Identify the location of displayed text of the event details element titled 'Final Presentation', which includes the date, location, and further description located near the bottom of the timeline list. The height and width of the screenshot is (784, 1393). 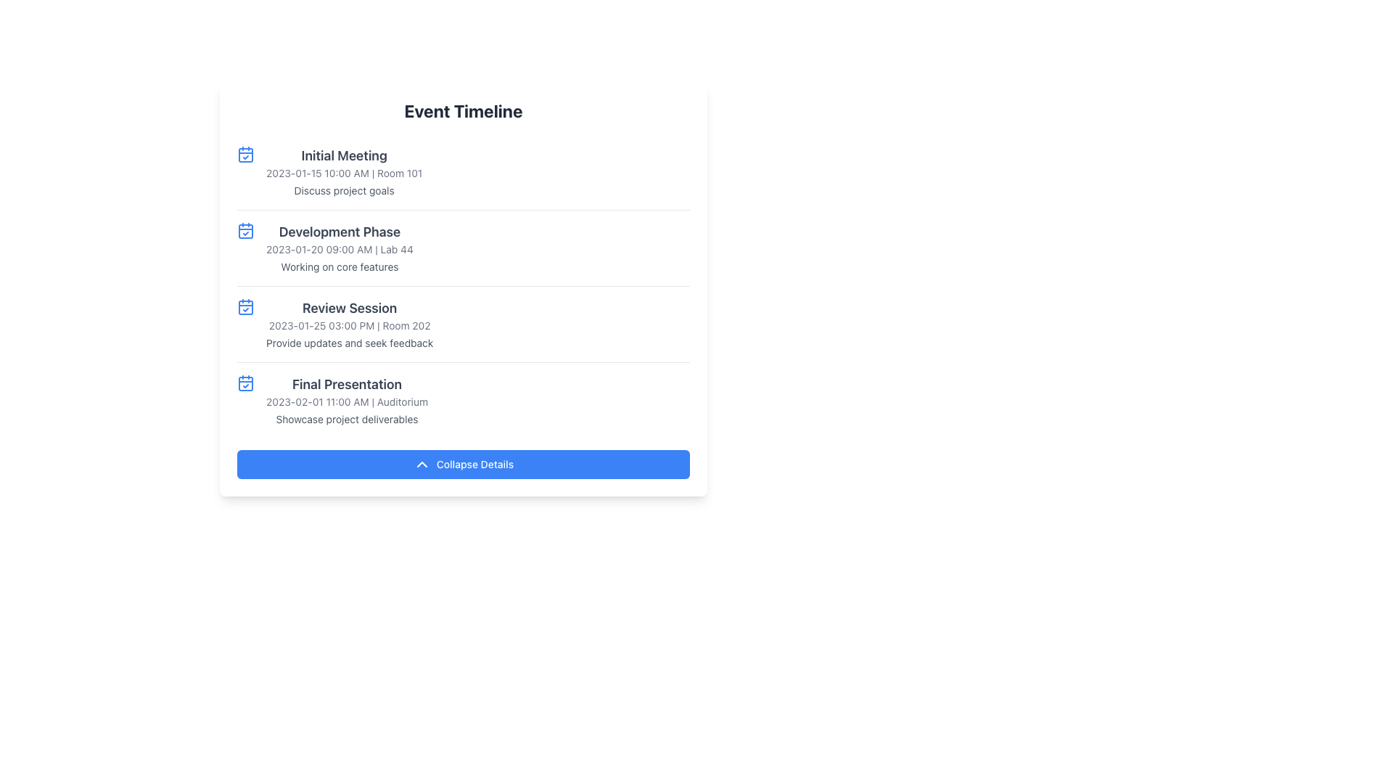
(346, 400).